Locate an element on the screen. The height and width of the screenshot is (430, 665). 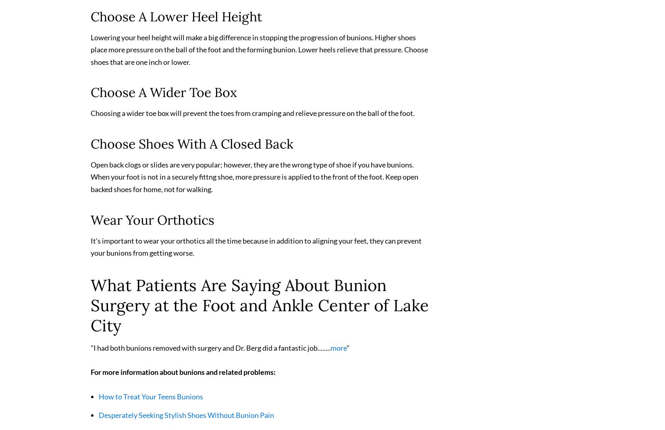
'Choose A Lower Heel Height' is located at coordinates (176, 19).